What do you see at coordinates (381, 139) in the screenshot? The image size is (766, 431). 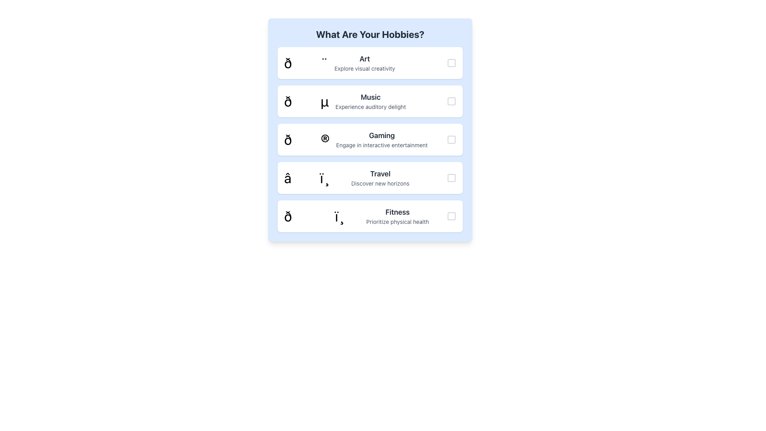 I see `the informational label for the 'Gaming' section, which provides the title and brief description, located centrally under the associated icon and between 'Music' and 'Travel'` at bounding box center [381, 139].